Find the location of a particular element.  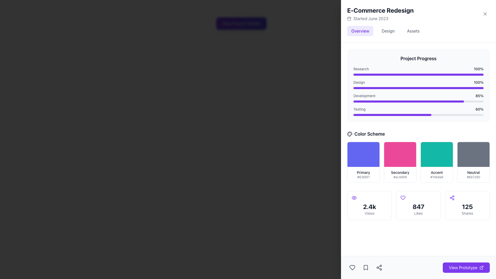

the button located in the bottom right corner of the layout, adjacent to the heart, bookmark, and share icons is located at coordinates (419, 267).